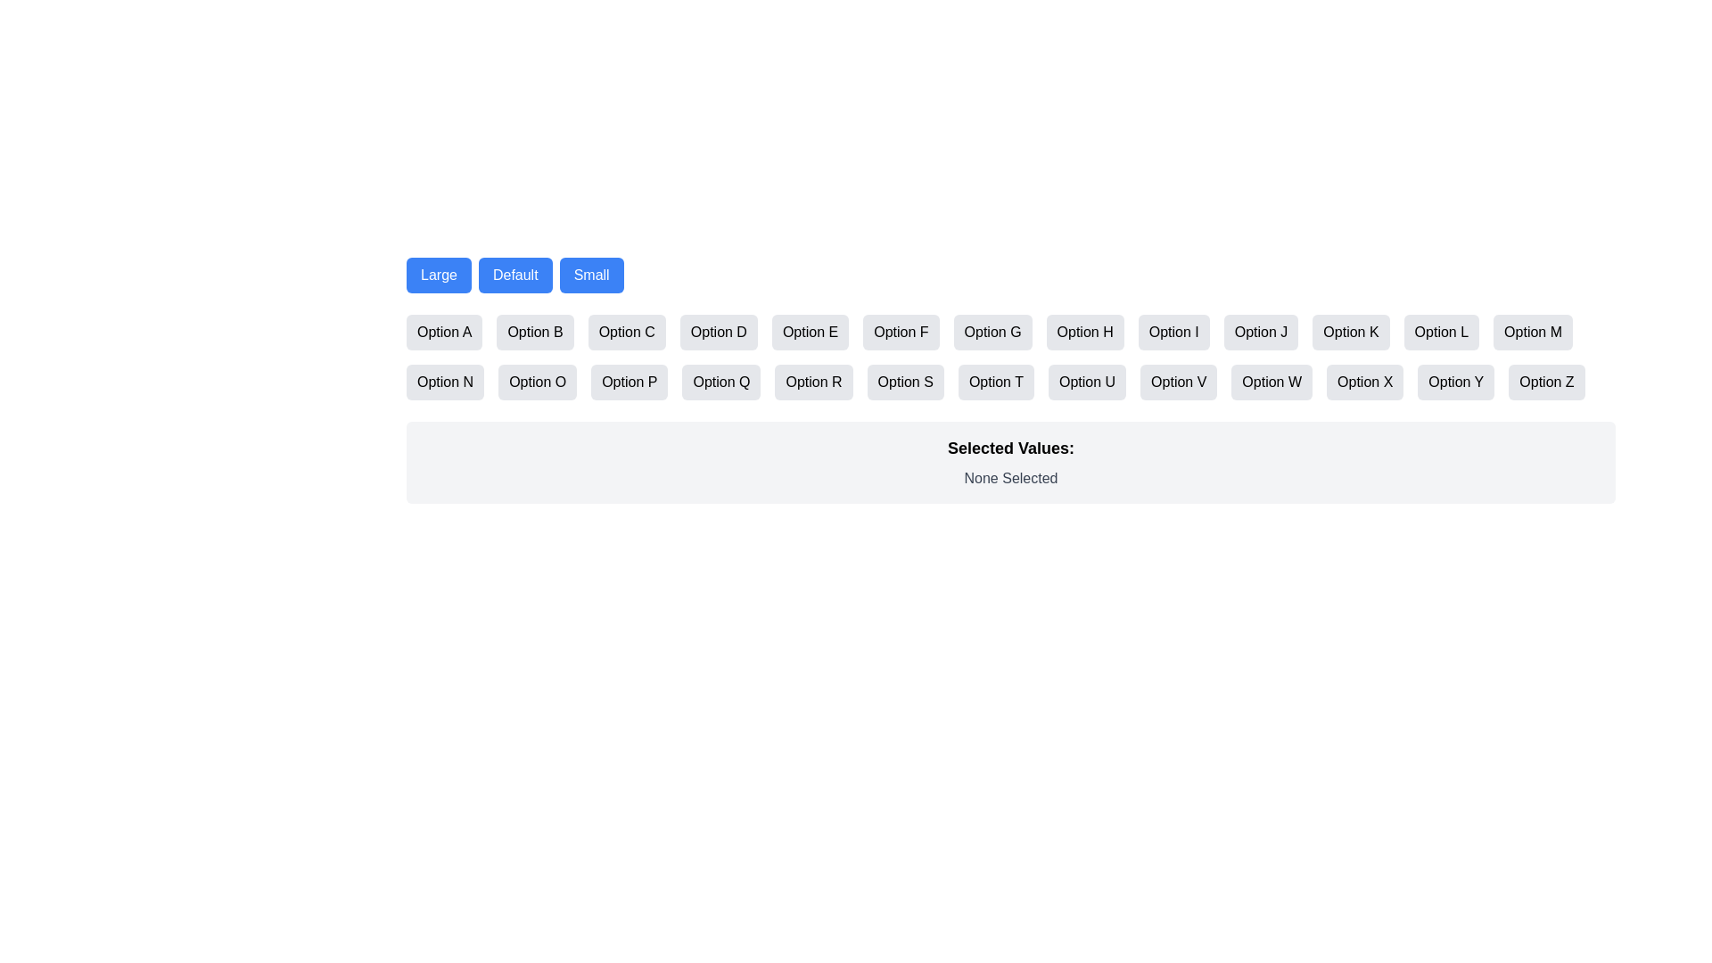 The height and width of the screenshot is (963, 1712). I want to click on the 5th button from the left in the first row of a grid layout, so click(809, 333).